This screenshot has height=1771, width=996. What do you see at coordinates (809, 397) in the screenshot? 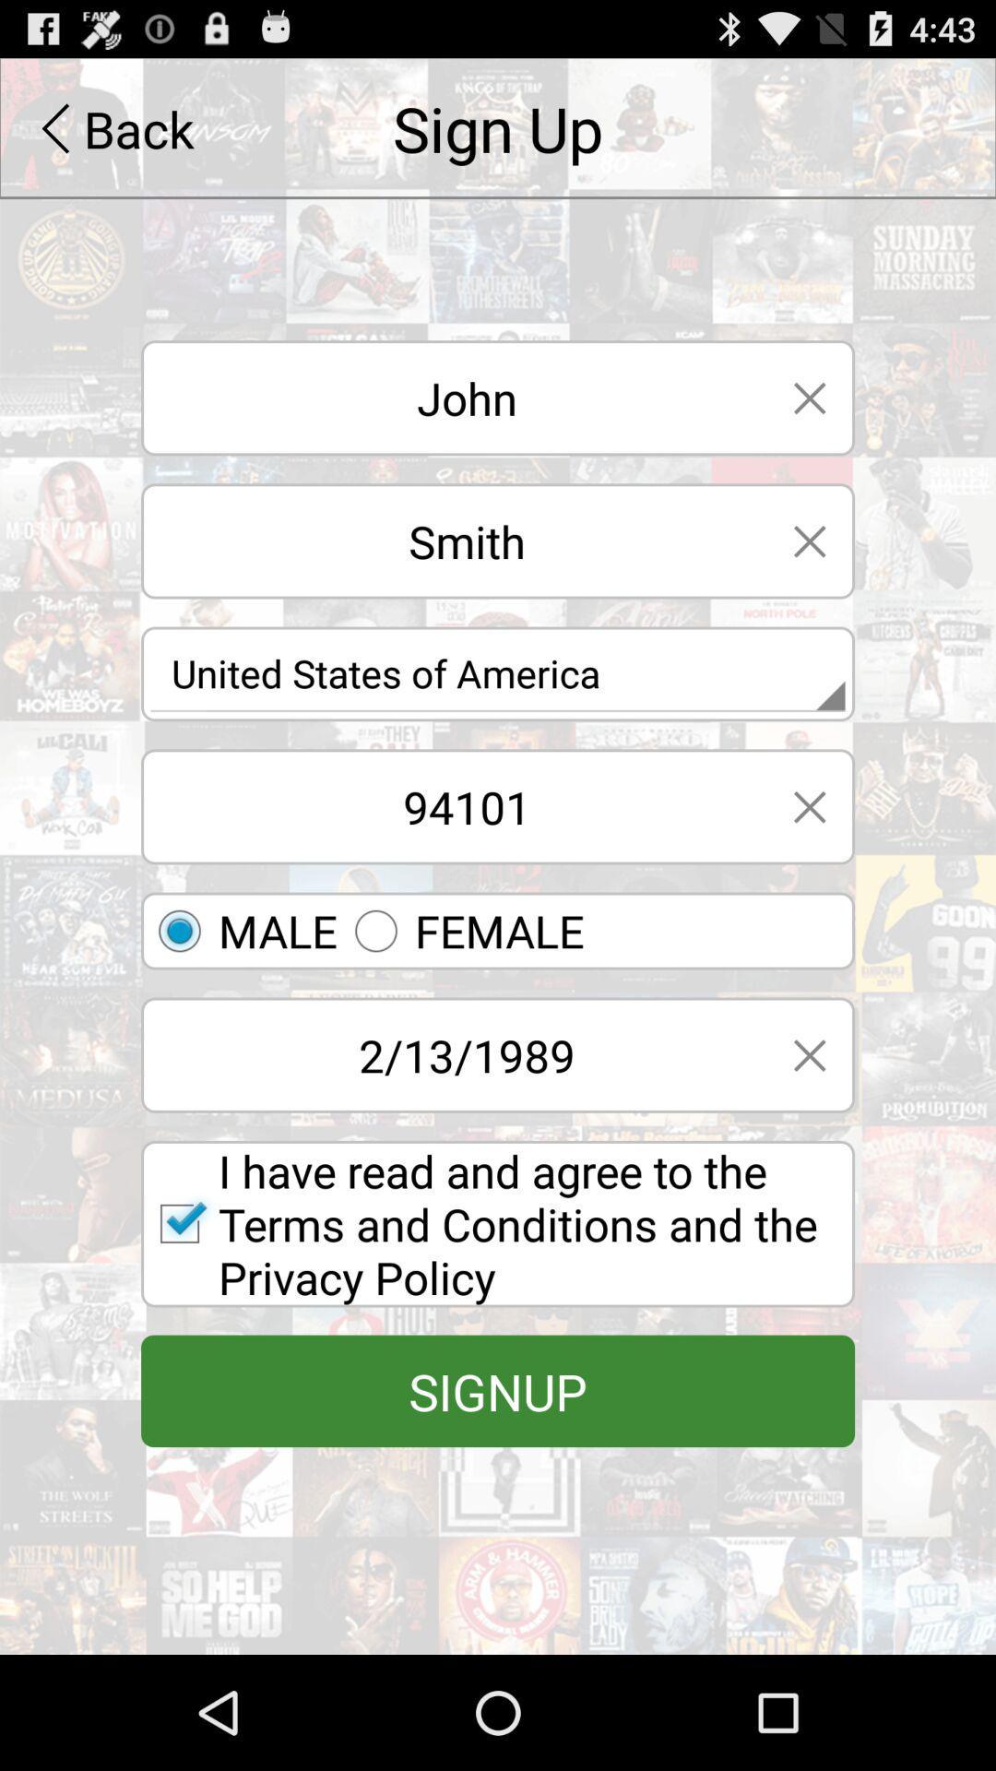
I see `close` at bounding box center [809, 397].